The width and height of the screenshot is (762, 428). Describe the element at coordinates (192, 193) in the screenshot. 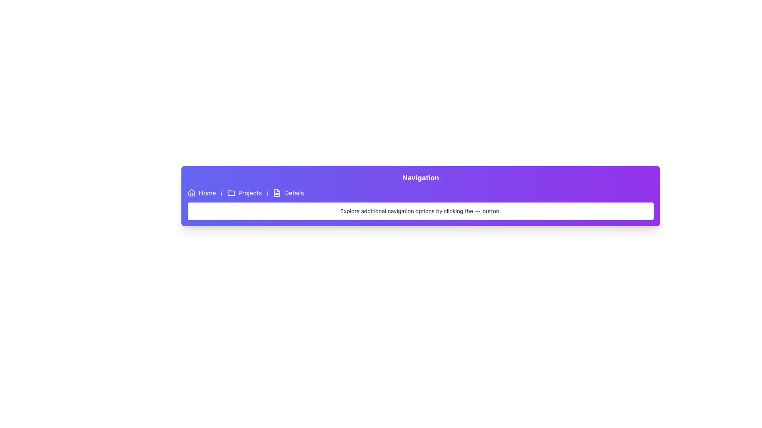

I see `the 'Home' icon in the breadcrumb navigation` at that location.